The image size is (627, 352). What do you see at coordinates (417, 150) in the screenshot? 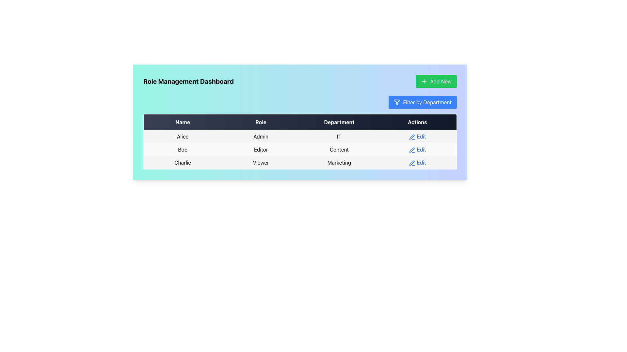
I see `the edit link in the fourth cell of the second row in the table associated with 'Bob', 'Editor', and 'Content' under the 'Actions' column` at bounding box center [417, 150].